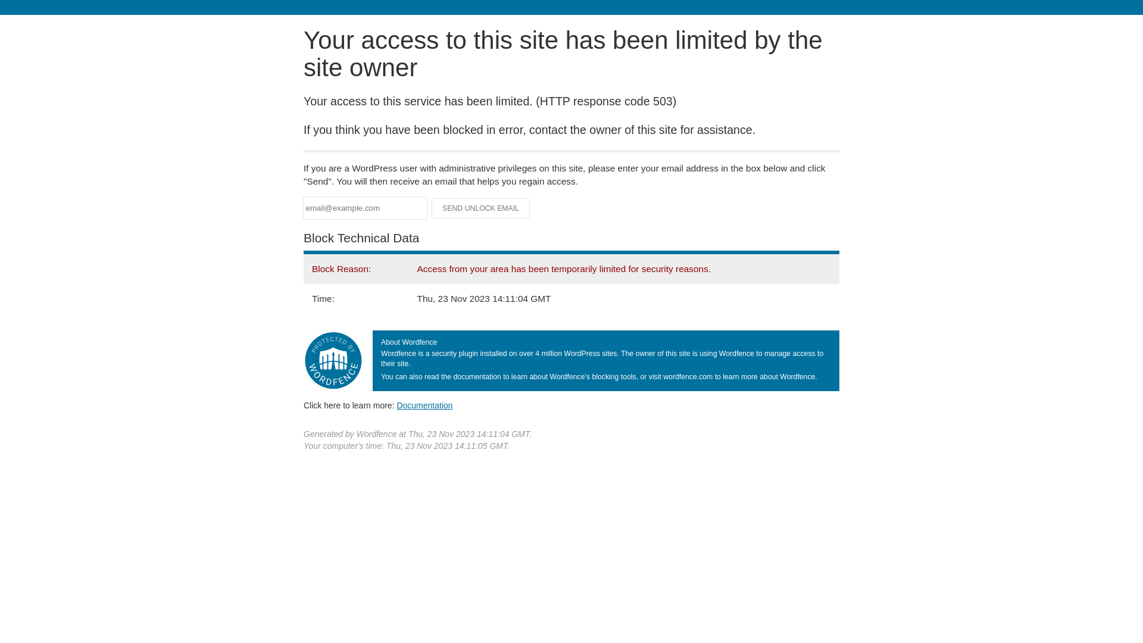 Image resolution: width=1143 pixels, height=643 pixels. Describe the element at coordinates (480, 208) in the screenshot. I see `'Send Unlock Email'` at that location.